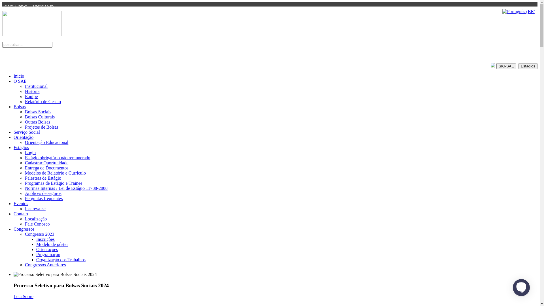  Describe the element at coordinates (14, 81) in the screenshot. I see `'O SAE'` at that location.